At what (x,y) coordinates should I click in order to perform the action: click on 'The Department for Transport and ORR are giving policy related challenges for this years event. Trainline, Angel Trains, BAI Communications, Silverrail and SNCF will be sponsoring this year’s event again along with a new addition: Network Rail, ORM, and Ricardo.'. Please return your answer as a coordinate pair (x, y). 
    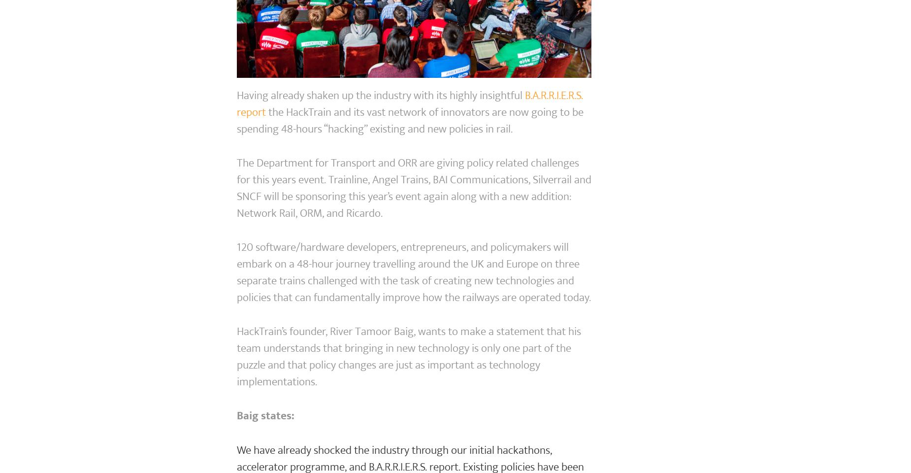
    Looking at the image, I should click on (414, 187).